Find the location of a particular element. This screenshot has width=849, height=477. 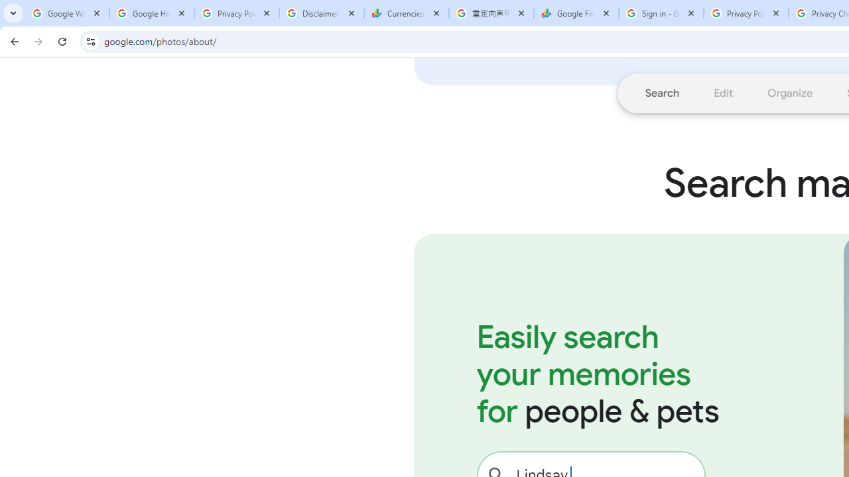

'Currencies - Google Finance' is located at coordinates (406, 13).